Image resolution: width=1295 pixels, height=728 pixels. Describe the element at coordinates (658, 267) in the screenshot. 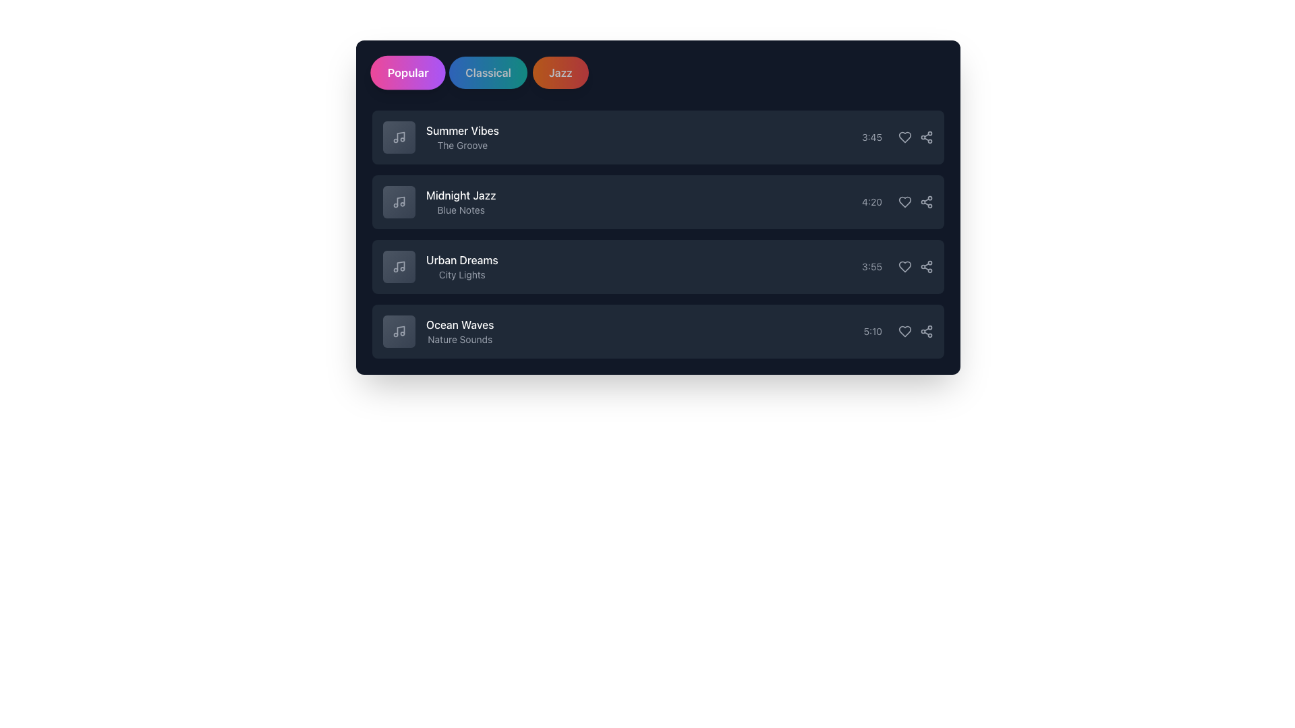

I see `the playlist item 'Urban Dreams' displayed with a dark gray background and song title in white` at that location.